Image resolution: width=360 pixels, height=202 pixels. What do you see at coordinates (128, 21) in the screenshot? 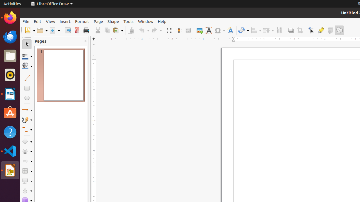
I see `'Tools'` at bounding box center [128, 21].